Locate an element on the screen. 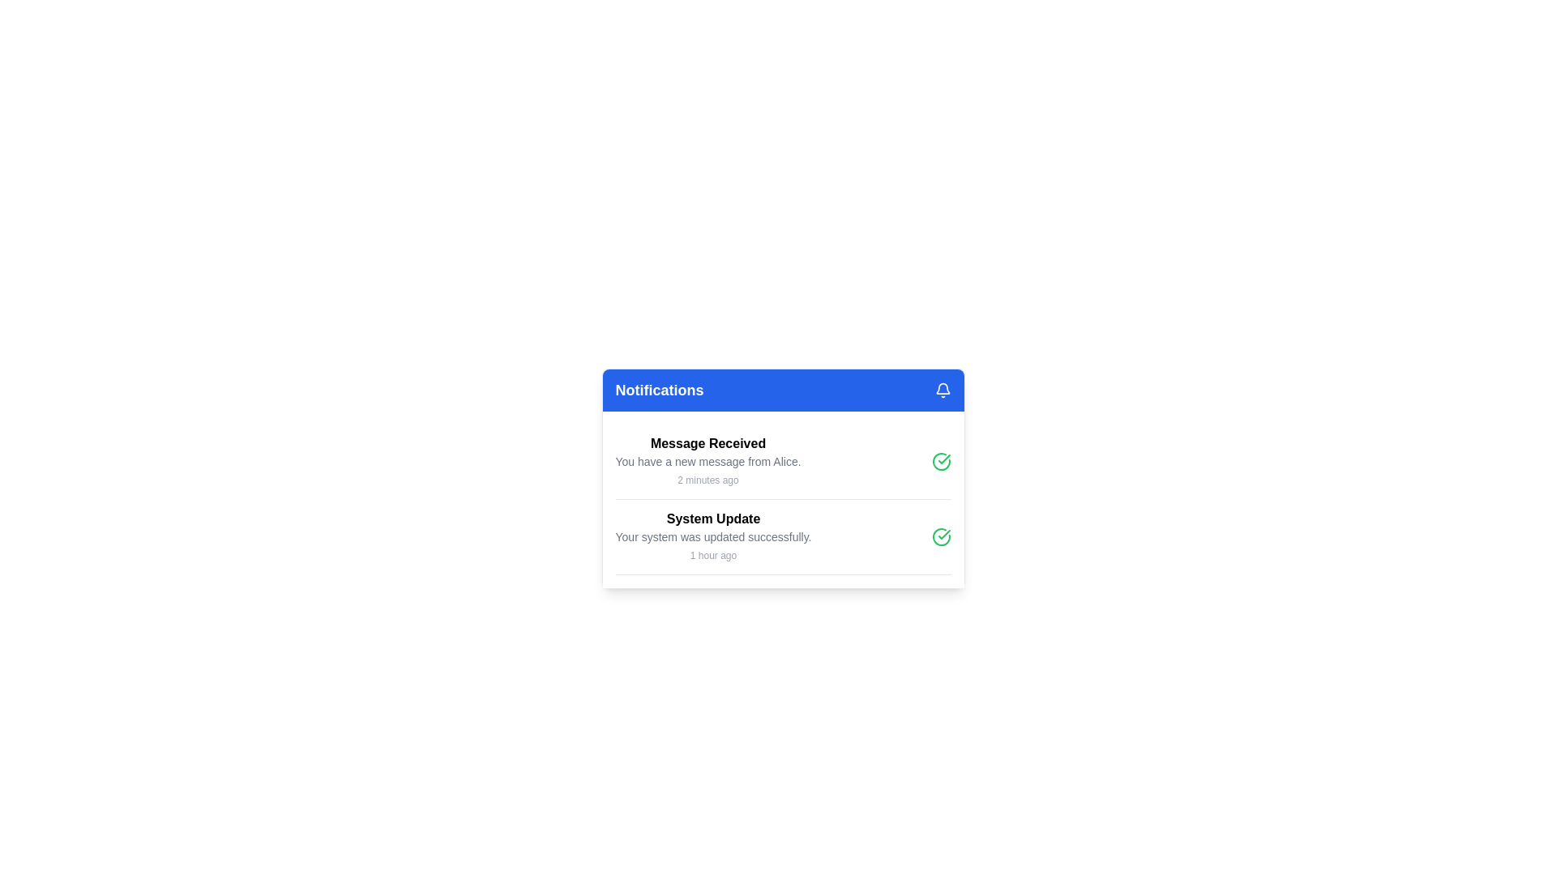  timestamp text displayed in the small text label that shows '1 hour ago' at the bottom-right of the notification entry is located at coordinates (713, 555).